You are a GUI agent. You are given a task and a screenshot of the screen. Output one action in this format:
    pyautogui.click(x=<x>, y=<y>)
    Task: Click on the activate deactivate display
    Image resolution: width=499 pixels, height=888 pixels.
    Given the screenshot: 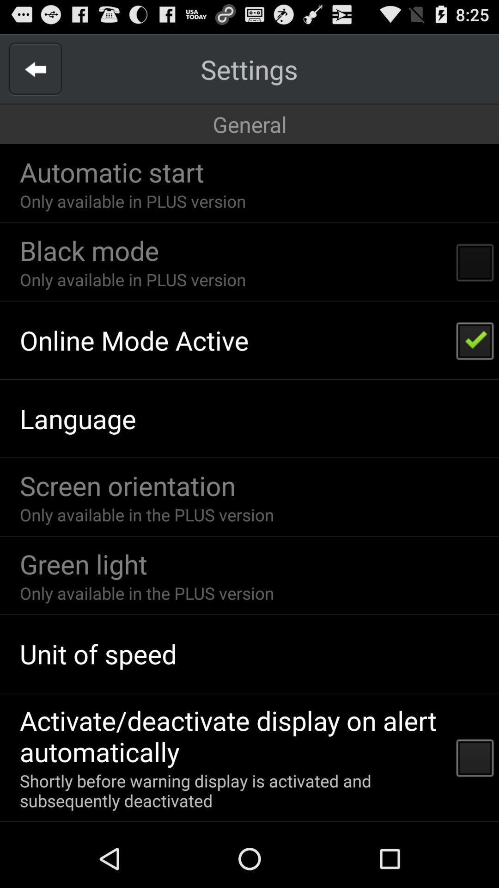 What is the action you would take?
    pyautogui.click(x=231, y=735)
    